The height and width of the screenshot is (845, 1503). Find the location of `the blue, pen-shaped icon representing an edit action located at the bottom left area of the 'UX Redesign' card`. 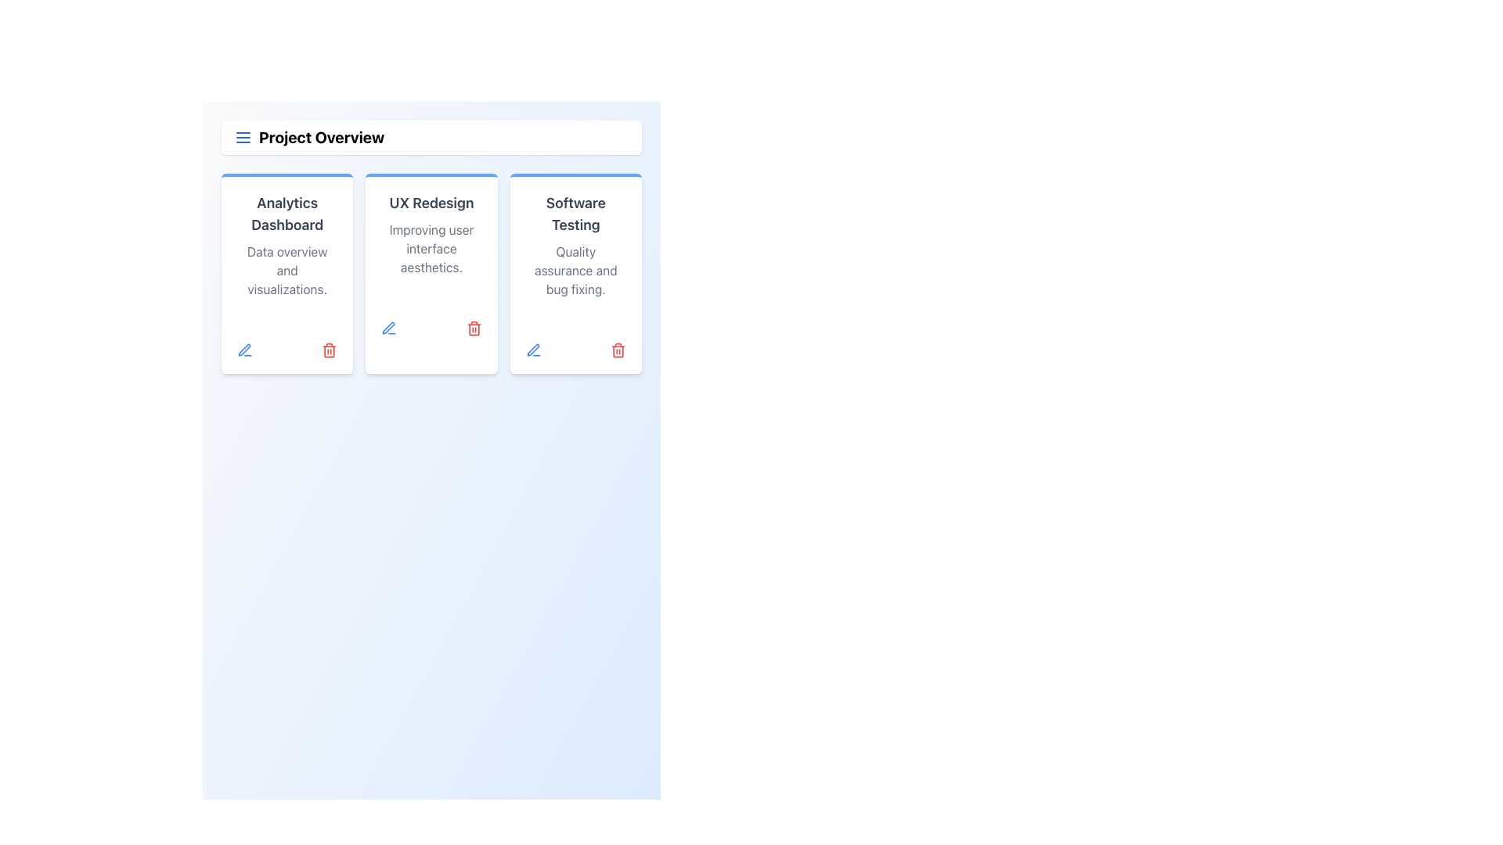

the blue, pen-shaped icon representing an edit action located at the bottom left area of the 'UX Redesign' card is located at coordinates (243, 349).